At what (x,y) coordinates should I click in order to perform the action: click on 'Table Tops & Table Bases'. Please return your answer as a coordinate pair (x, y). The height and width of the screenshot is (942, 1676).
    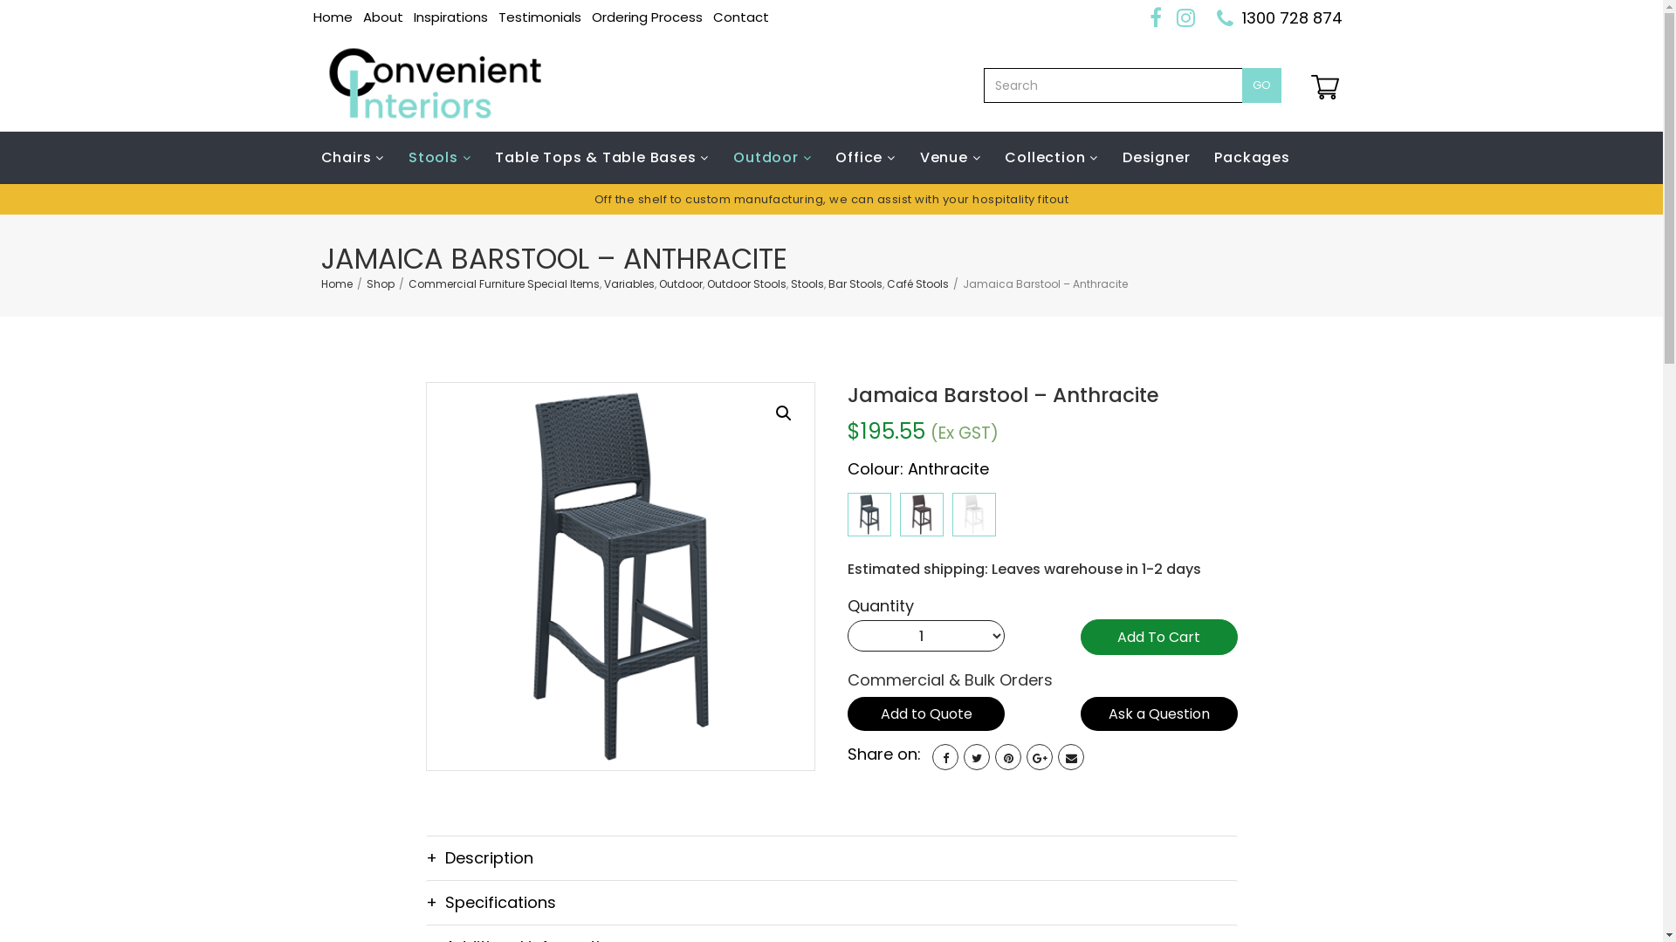
    Looking at the image, I should click on (601, 158).